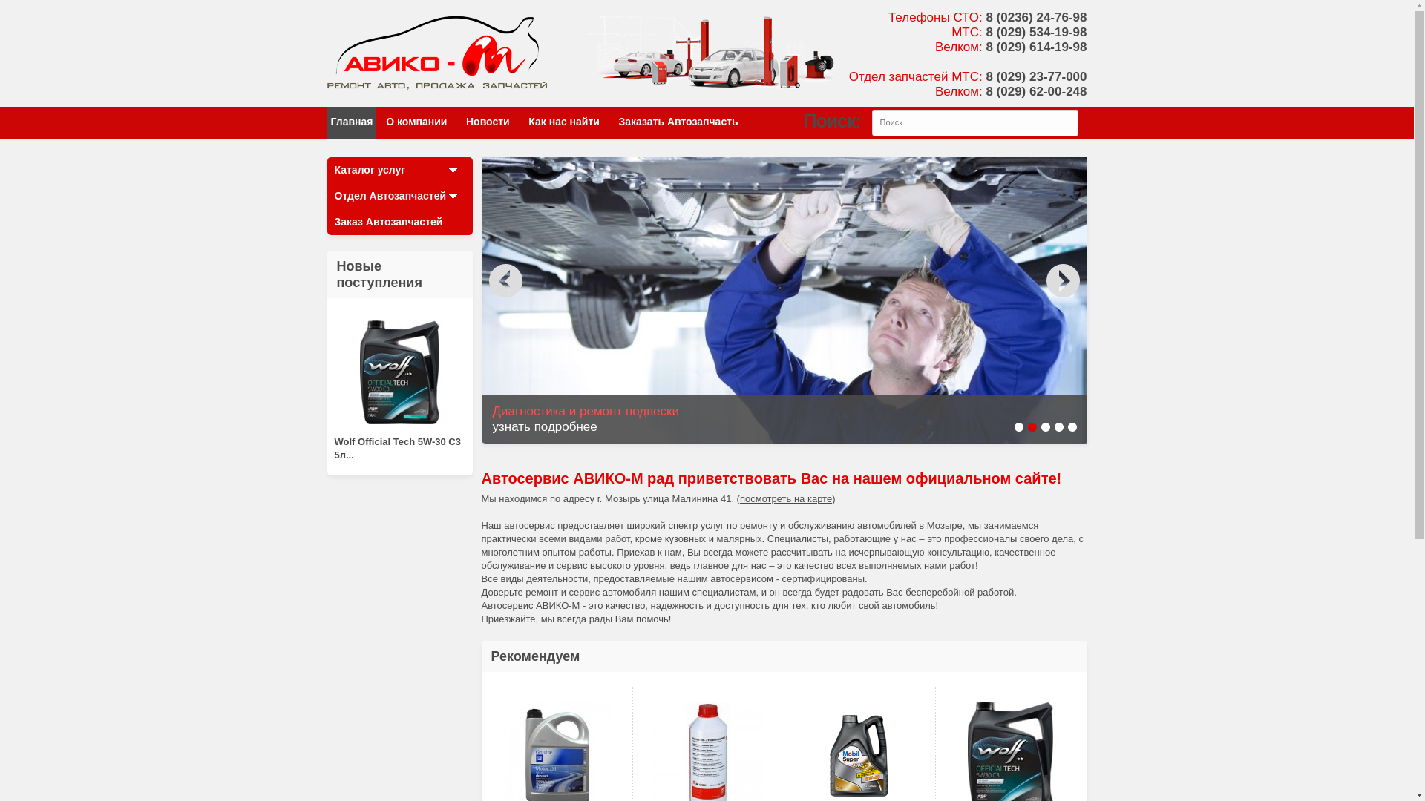  Describe the element at coordinates (1044, 426) in the screenshot. I see `'3'` at that location.